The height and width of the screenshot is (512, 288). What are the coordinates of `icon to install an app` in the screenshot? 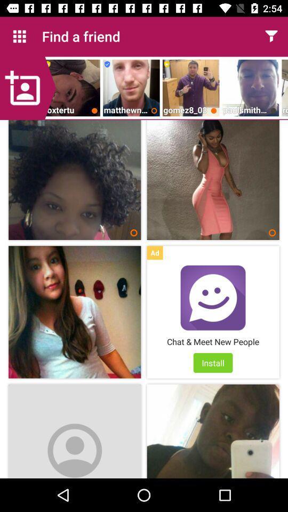 It's located at (213, 298).